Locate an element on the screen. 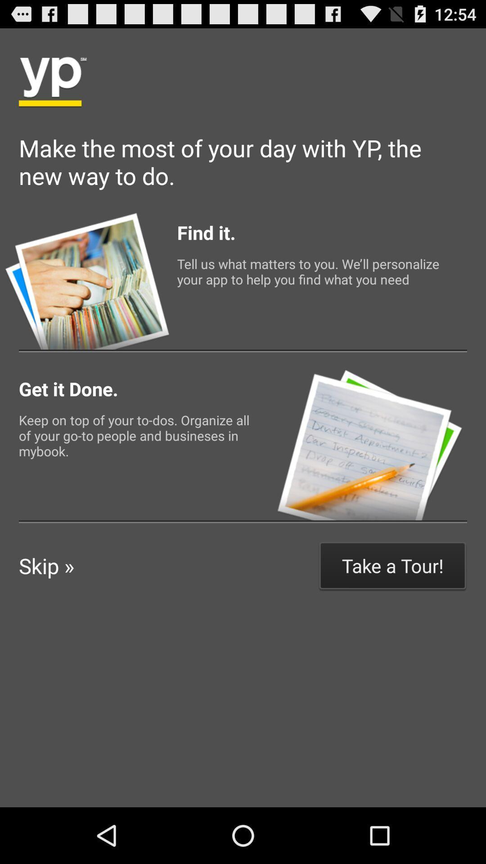 The image size is (486, 864). take a tour! icon is located at coordinates (392, 565).